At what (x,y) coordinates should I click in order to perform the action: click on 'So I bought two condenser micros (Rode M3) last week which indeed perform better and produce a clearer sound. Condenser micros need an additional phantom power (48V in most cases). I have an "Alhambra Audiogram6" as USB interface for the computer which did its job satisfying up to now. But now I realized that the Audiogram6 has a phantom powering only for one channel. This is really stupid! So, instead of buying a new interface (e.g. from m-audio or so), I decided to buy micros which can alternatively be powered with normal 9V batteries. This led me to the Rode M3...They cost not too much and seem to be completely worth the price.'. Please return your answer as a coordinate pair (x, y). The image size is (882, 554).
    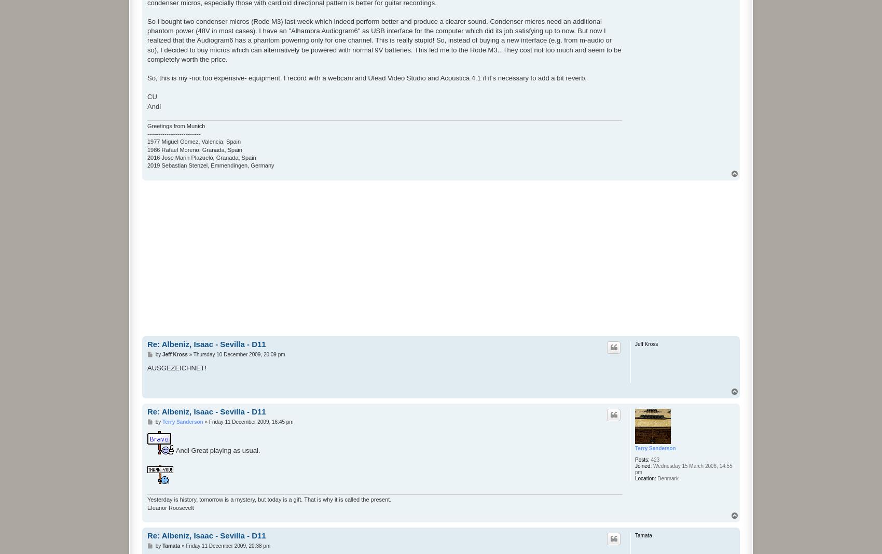
    Looking at the image, I should click on (384, 39).